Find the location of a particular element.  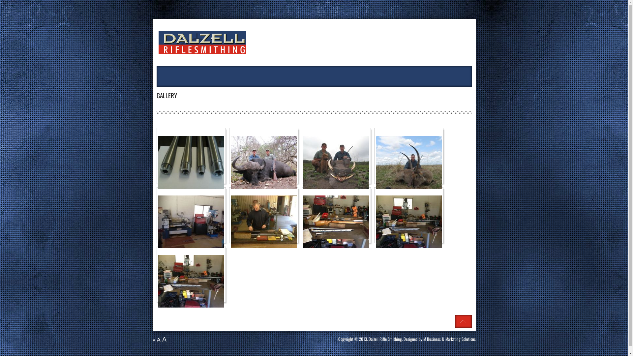

'Click to enlarge image IMG_1460.jpg' is located at coordinates (408, 222).